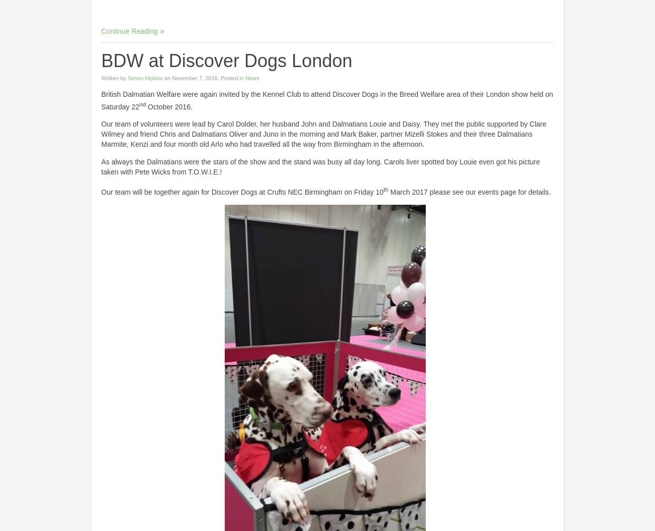 The width and height of the screenshot is (655, 531). What do you see at coordinates (167, 77) in the screenshot?
I see `'on'` at bounding box center [167, 77].